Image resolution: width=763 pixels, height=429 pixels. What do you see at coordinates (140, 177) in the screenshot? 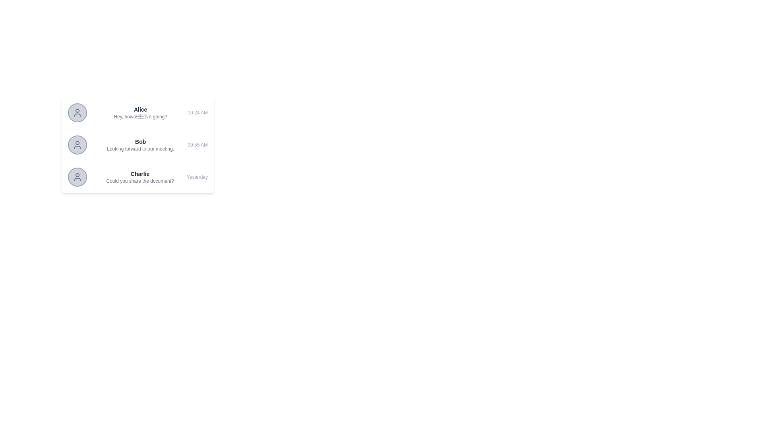
I see `the Message Preview element displaying 'Charlie' in bold and the message 'Could you share the document?'` at bounding box center [140, 177].